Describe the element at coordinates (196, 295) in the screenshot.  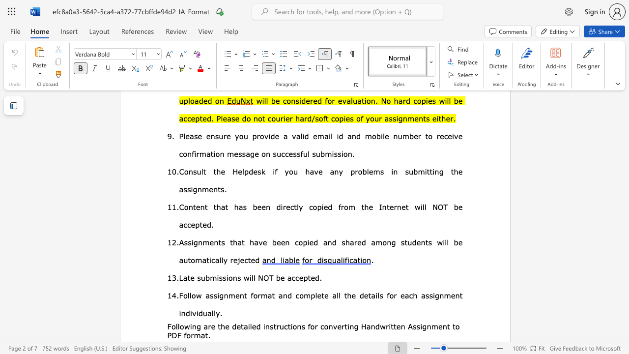
I see `the subset text "w assignm" within the text "Follow assignment format and complete all the details for each assignment individually."` at that location.